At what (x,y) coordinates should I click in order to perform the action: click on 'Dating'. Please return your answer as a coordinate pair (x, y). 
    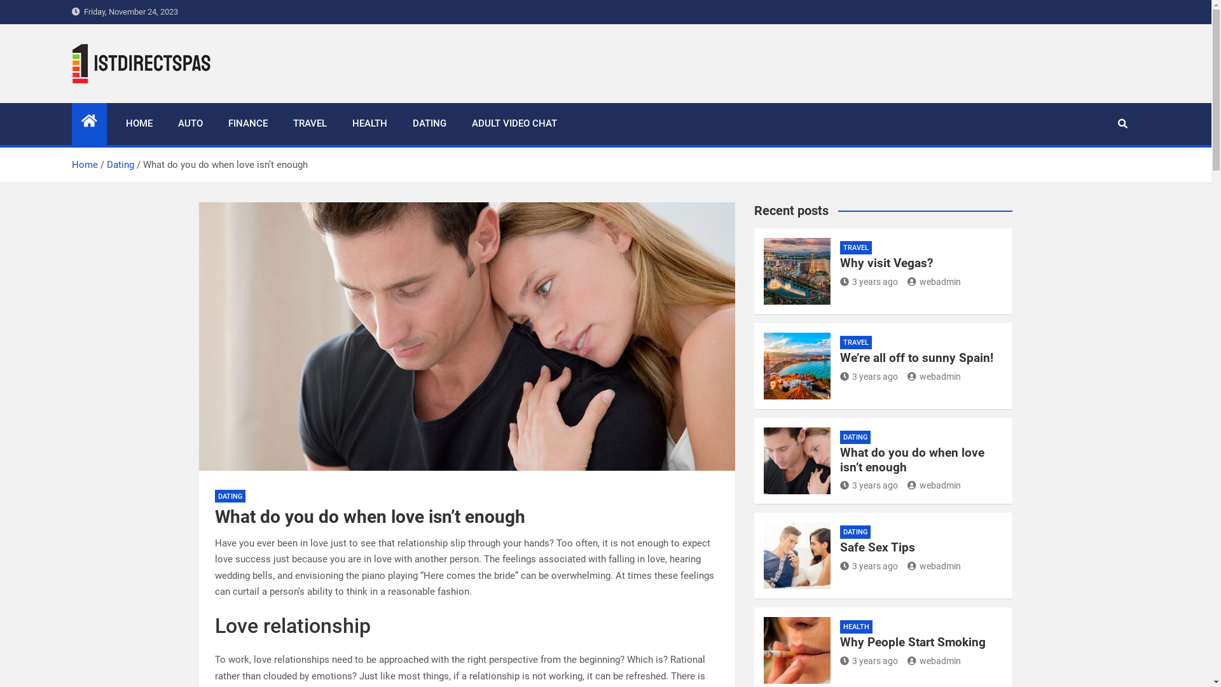
    Looking at the image, I should click on (120, 163).